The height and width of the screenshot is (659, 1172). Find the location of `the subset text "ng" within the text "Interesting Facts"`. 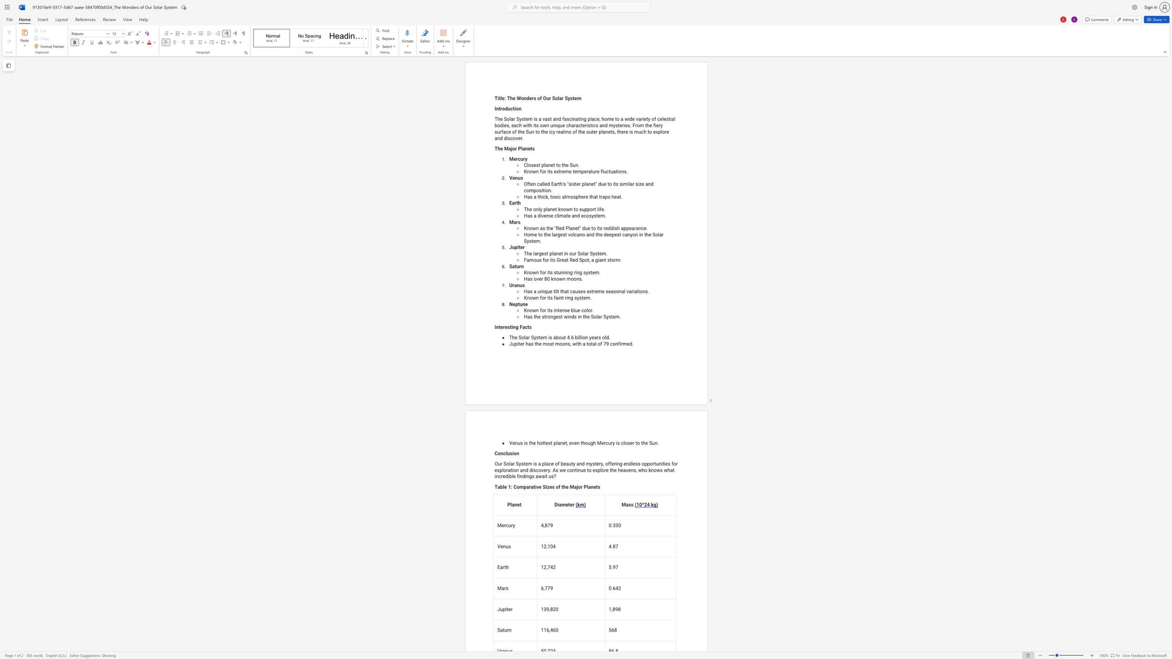

the subset text "ng" within the text "Interesting Facts" is located at coordinates (513, 327).